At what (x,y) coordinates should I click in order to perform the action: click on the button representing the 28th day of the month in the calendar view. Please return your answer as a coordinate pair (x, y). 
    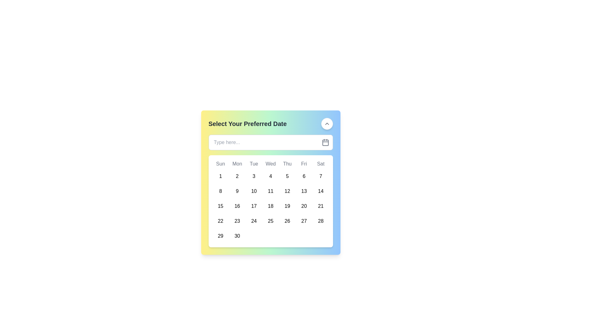
    Looking at the image, I should click on (321, 221).